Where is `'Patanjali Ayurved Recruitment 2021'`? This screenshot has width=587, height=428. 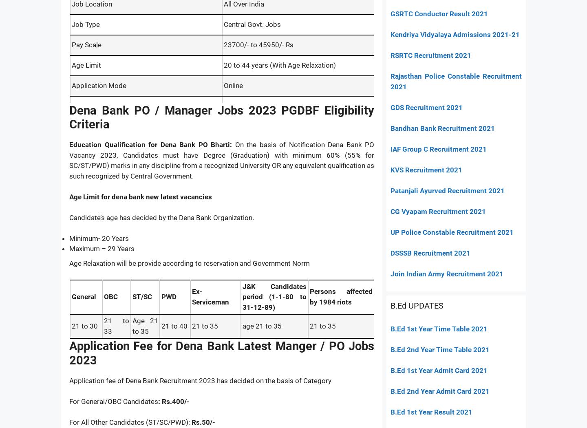
'Patanjali Ayurved Recruitment 2021' is located at coordinates (391, 190).